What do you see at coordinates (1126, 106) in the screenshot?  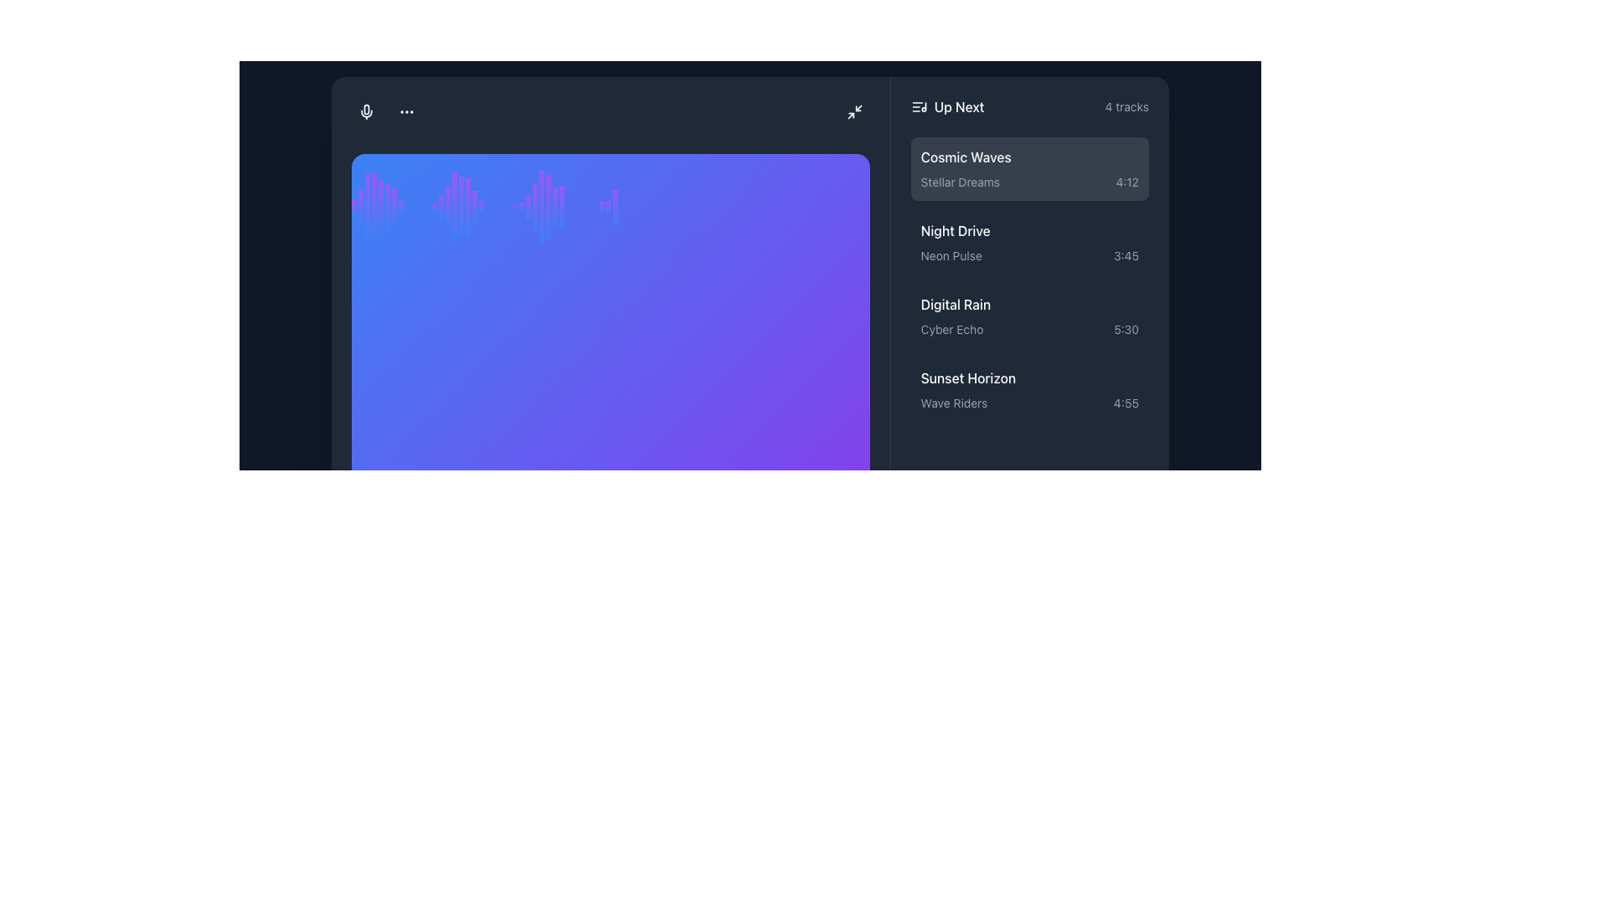 I see `the Text Label displaying '4 tracks', located in the top-right corner of the 'Up Next' section` at bounding box center [1126, 106].